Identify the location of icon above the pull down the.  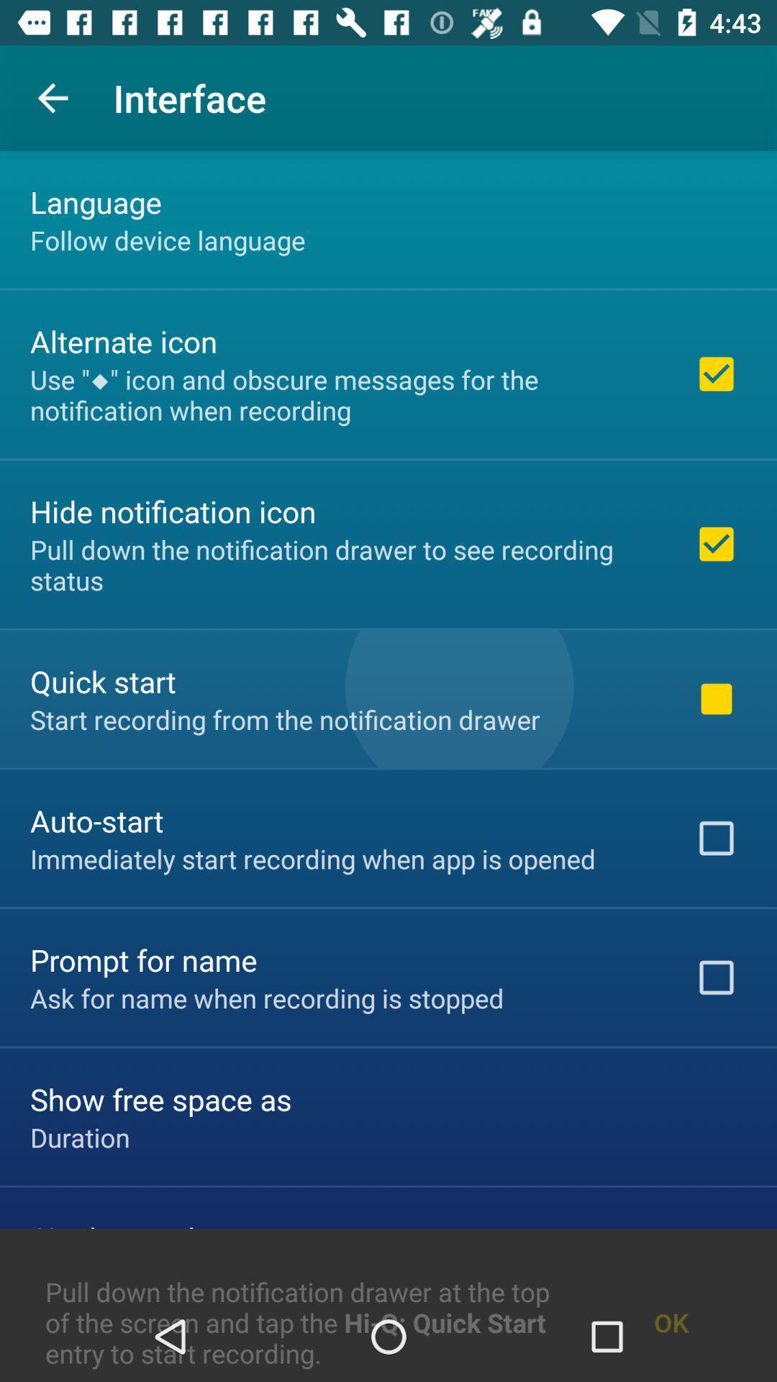
(80, 1137).